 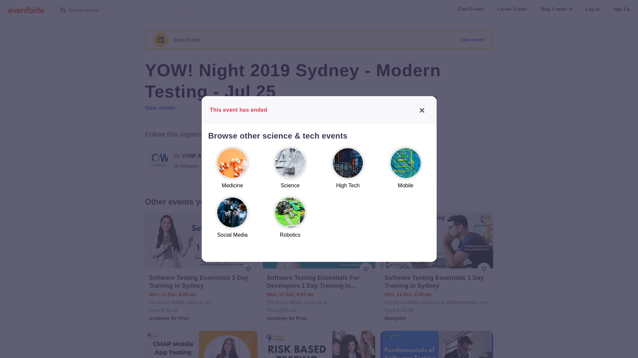 I want to click on 'Science', so click(x=262, y=171).